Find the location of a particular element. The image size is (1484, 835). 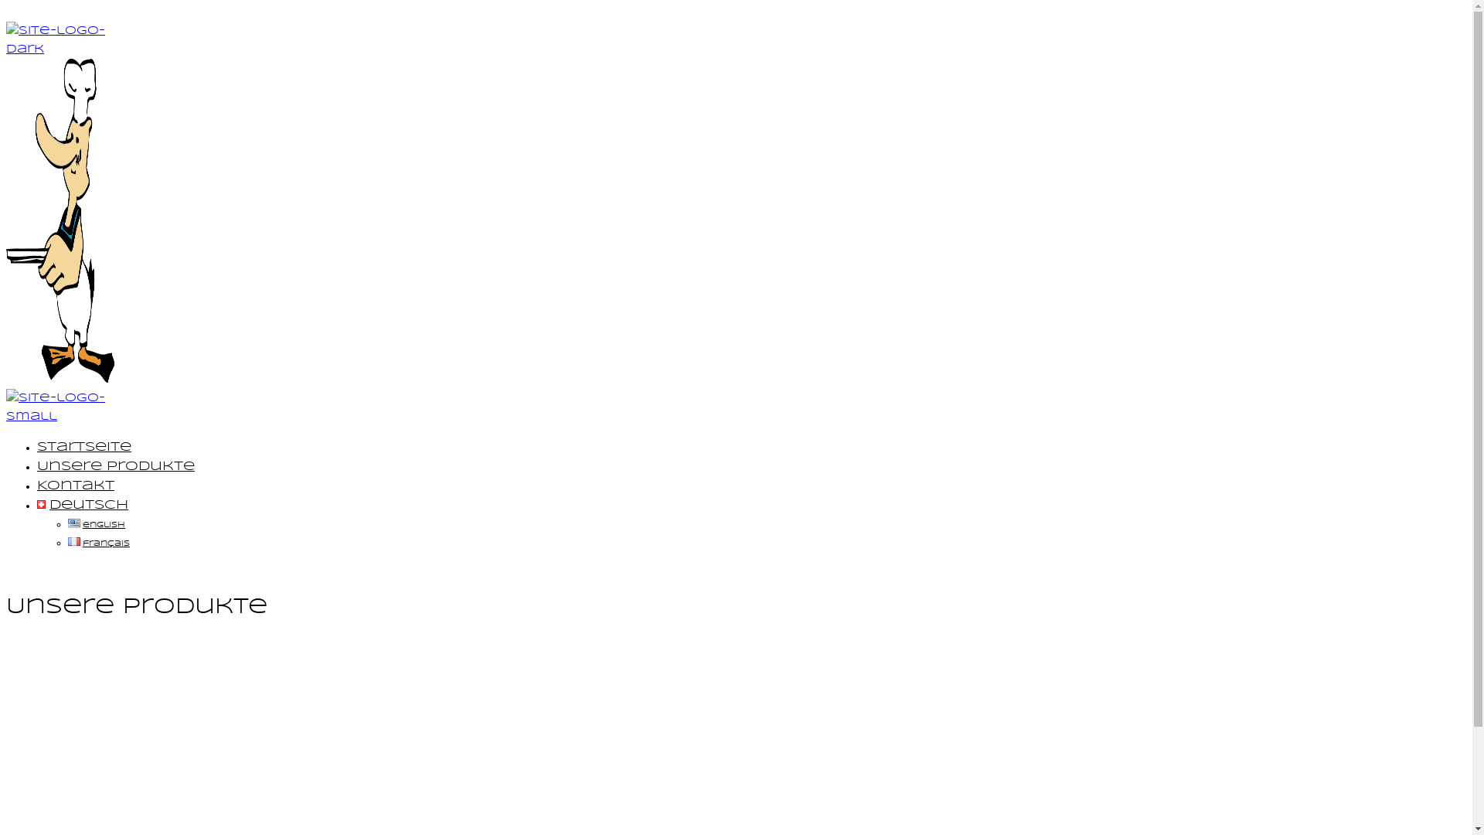

'english' is located at coordinates (95, 523).